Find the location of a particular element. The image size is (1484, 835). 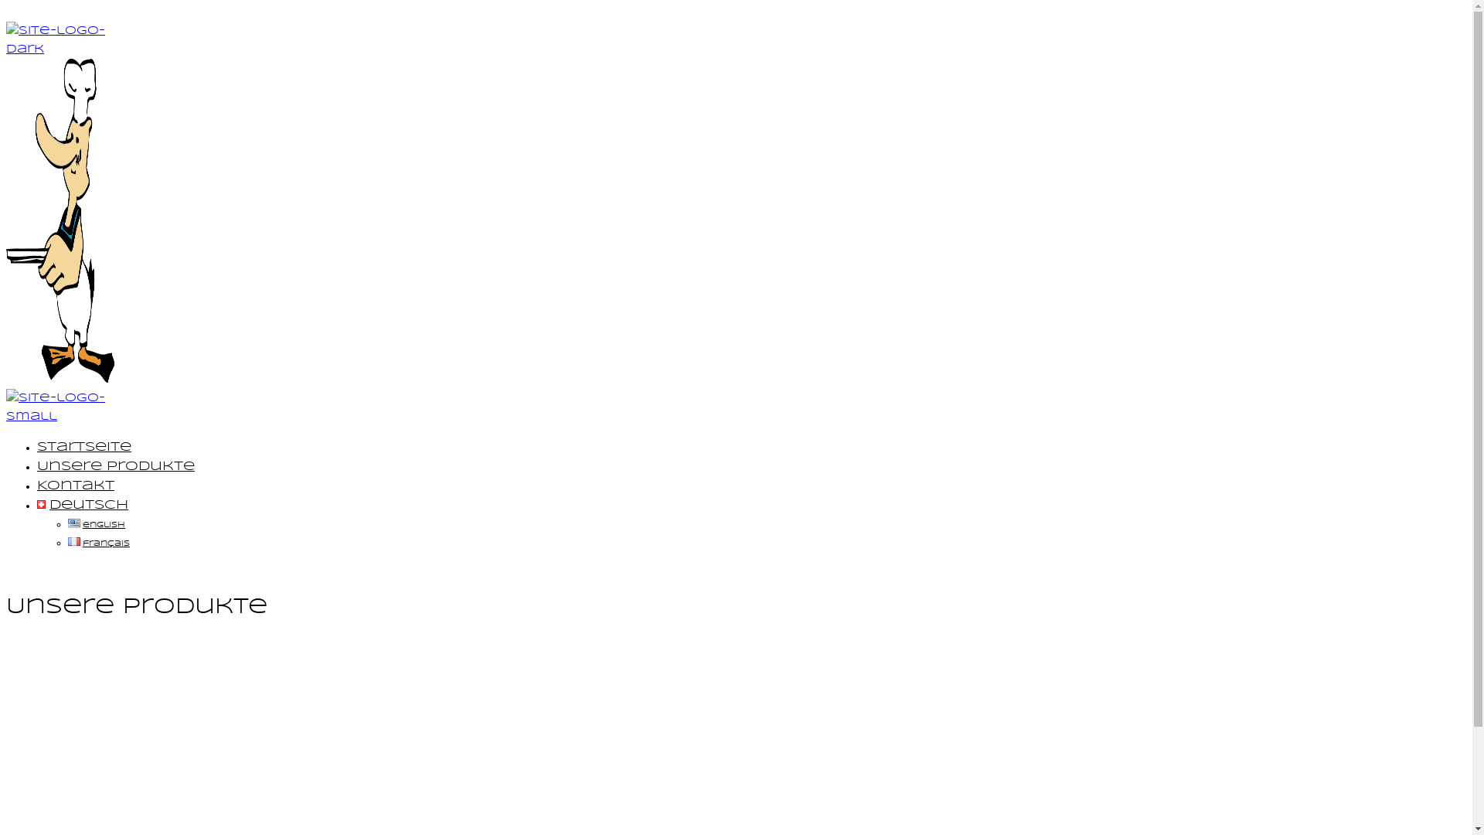

'english' is located at coordinates (95, 523).